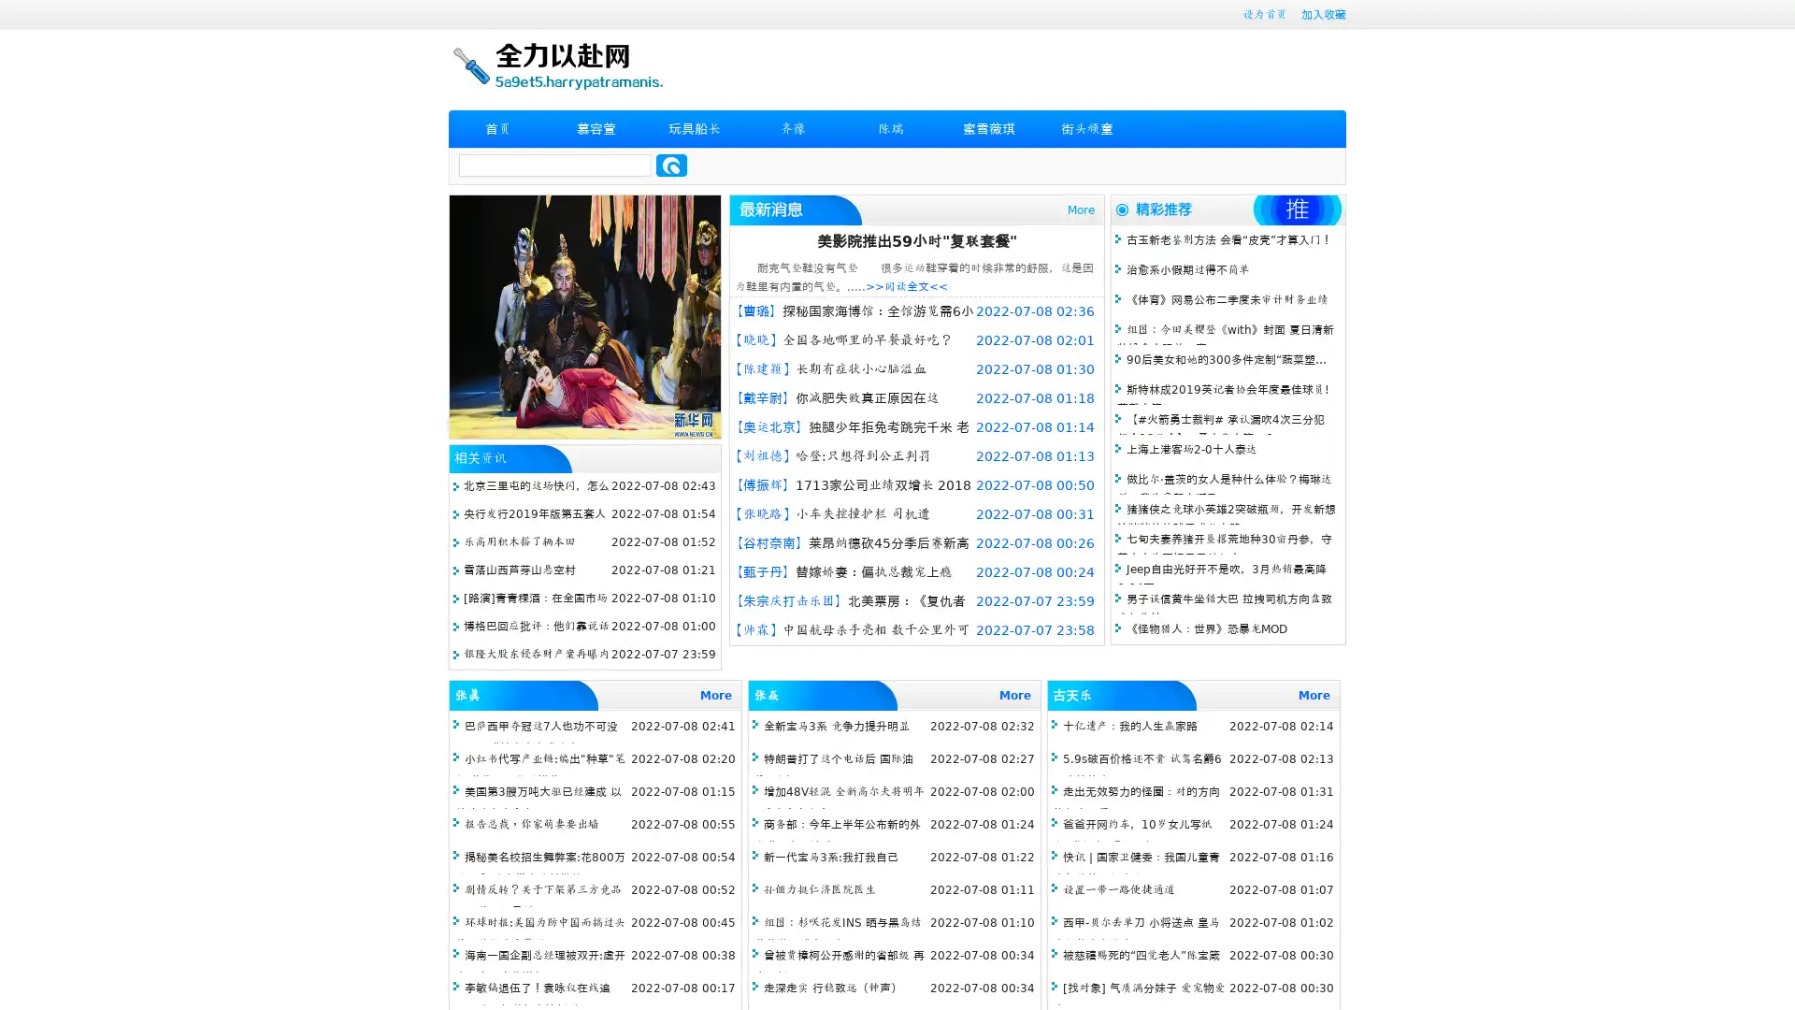 This screenshot has height=1010, width=1795. What do you see at coordinates (671, 165) in the screenshot?
I see `Search` at bounding box center [671, 165].